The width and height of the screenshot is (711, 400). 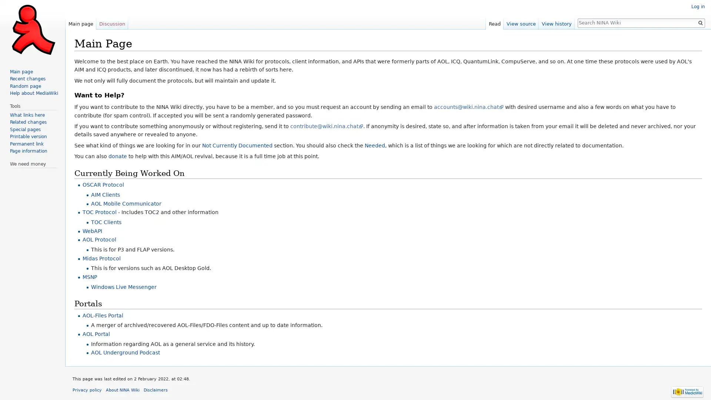 What do you see at coordinates (700, 22) in the screenshot?
I see `Go` at bounding box center [700, 22].